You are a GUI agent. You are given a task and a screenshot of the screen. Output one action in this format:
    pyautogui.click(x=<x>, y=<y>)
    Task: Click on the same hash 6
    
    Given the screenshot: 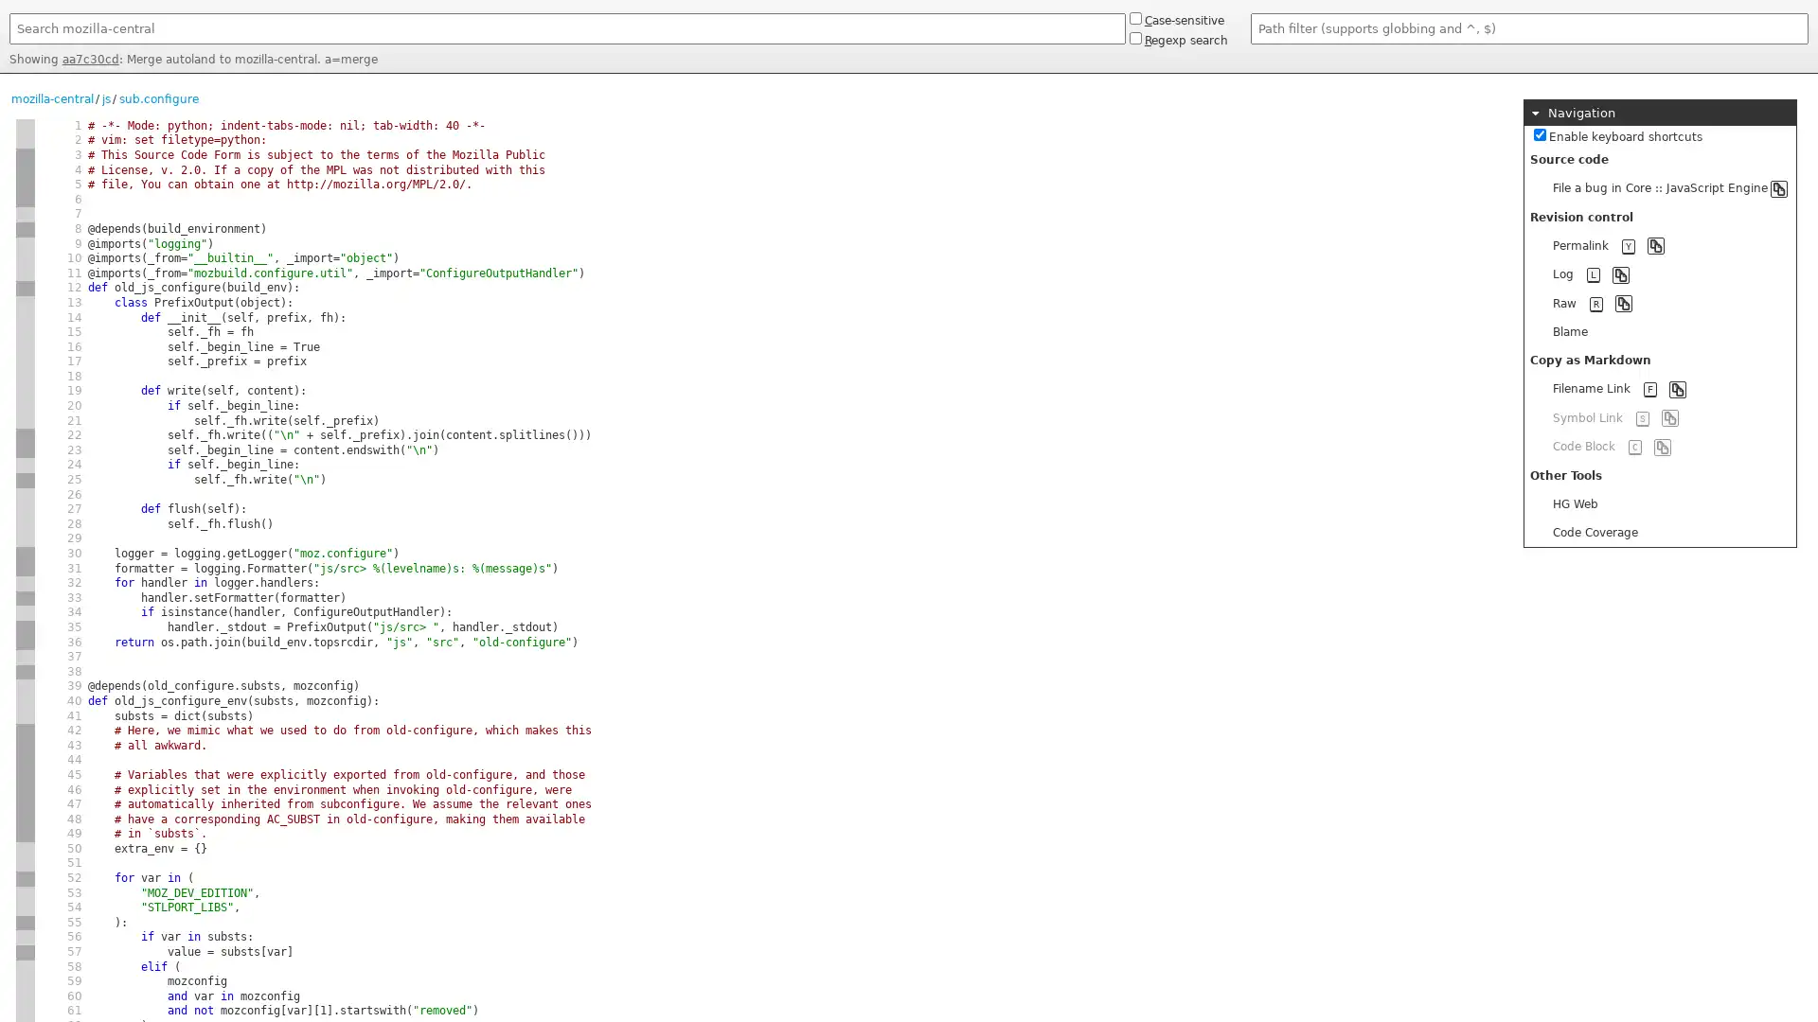 What is the action you would take?
    pyautogui.click(x=26, y=331)
    